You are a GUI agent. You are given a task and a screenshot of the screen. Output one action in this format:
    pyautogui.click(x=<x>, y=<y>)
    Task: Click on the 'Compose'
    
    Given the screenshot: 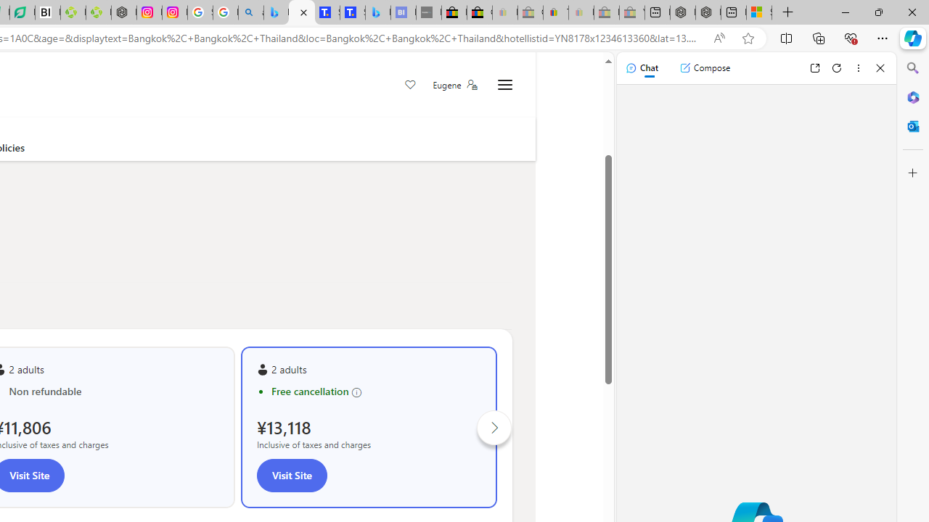 What is the action you would take?
    pyautogui.click(x=705, y=67)
    